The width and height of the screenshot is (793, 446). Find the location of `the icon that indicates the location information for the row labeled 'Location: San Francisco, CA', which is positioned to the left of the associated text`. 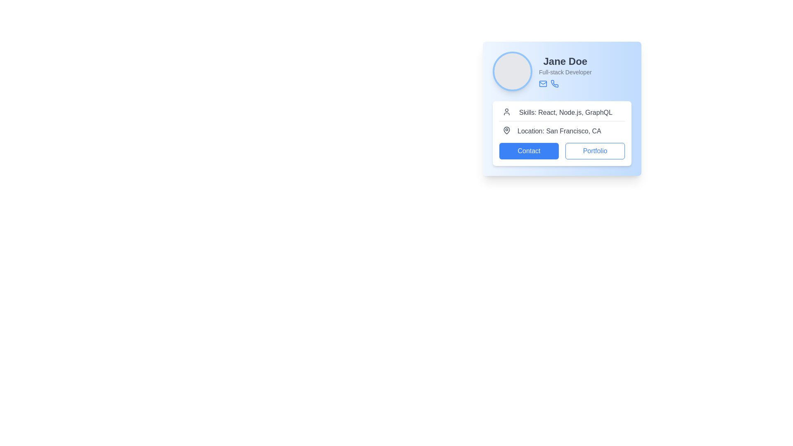

the icon that indicates the location information for the row labeled 'Location: San Francisco, CA', which is positioned to the left of the associated text is located at coordinates (506, 130).